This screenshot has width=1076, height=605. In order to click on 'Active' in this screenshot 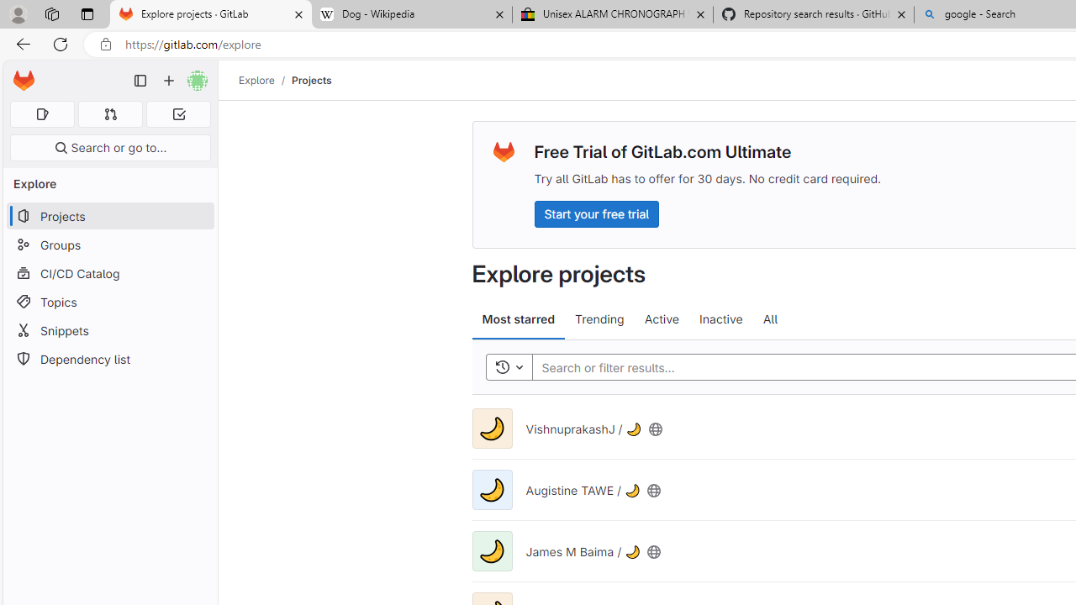, I will do `click(661, 319)`.